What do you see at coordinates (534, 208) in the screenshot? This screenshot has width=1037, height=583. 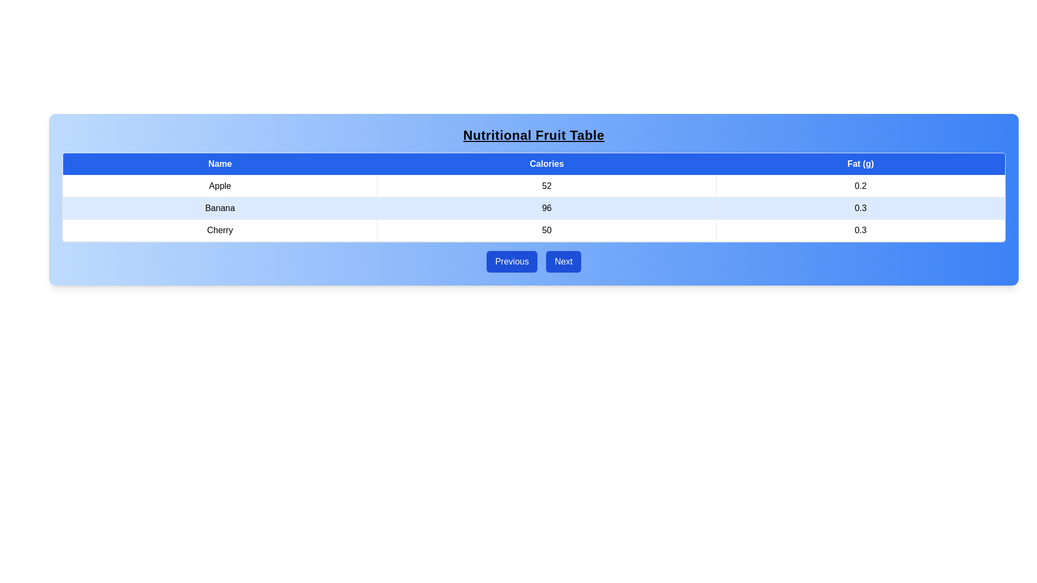 I see `the second row in the nutritional information table, which includes 'Banana', '96', and '0.3'` at bounding box center [534, 208].